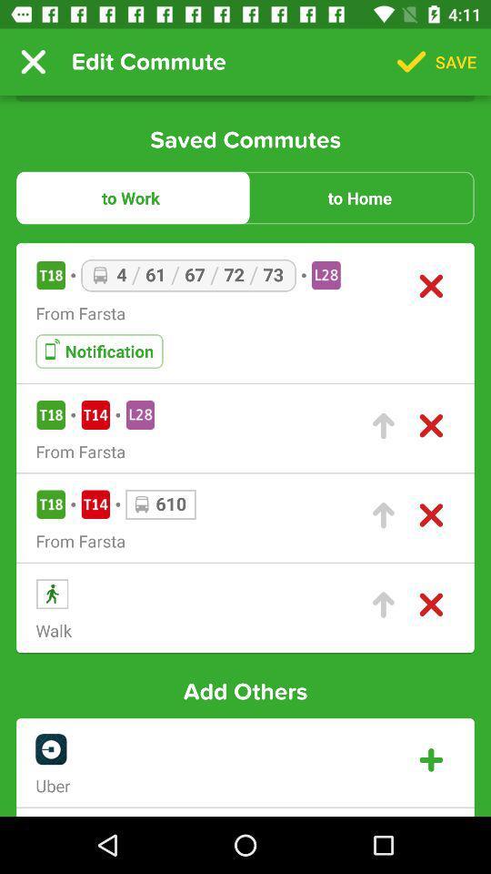 Image resolution: width=491 pixels, height=874 pixels. Describe the element at coordinates (430, 605) in the screenshot. I see `remove` at that location.